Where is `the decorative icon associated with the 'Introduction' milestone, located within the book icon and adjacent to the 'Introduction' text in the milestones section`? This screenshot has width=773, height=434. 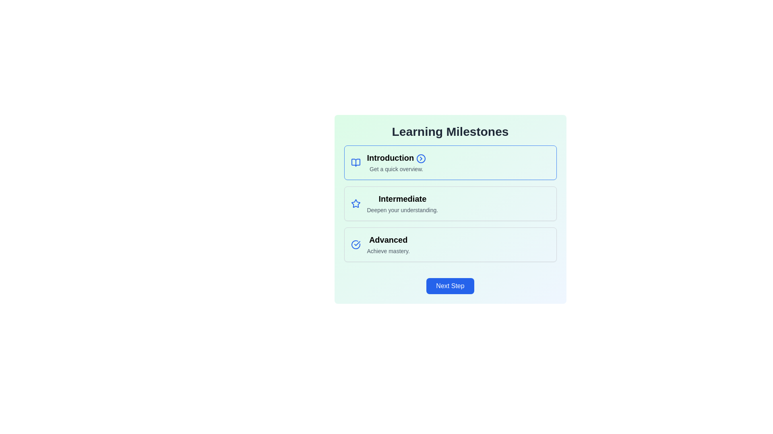 the decorative icon associated with the 'Introduction' milestone, located within the book icon and adjacent to the 'Introduction' text in the milestones section is located at coordinates (355, 163).